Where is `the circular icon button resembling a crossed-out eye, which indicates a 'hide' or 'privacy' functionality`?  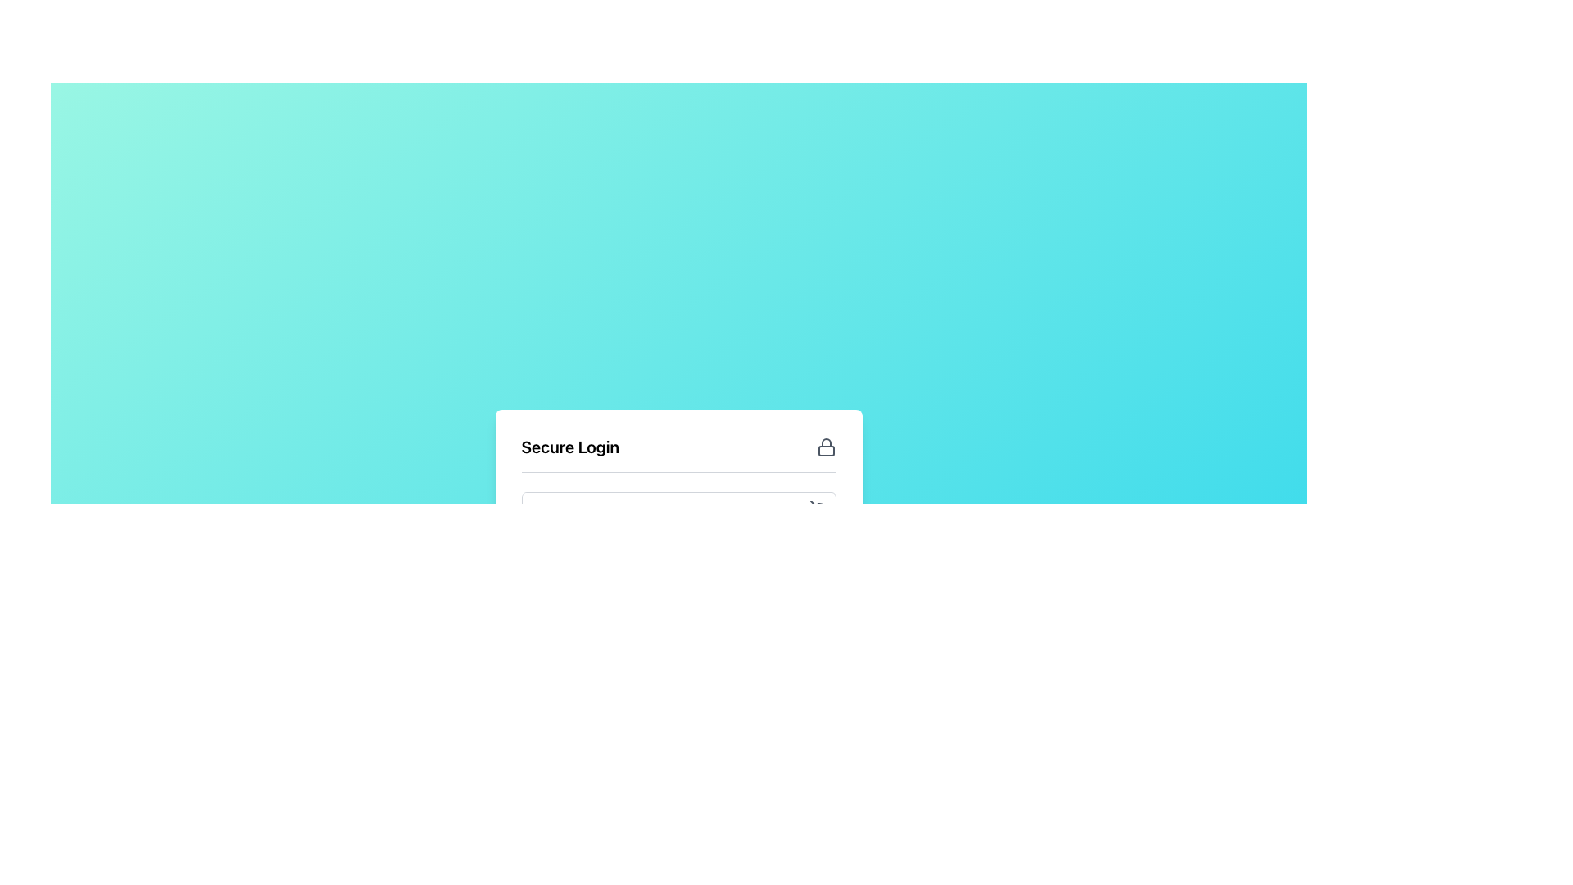
the circular icon button resembling a crossed-out eye, which indicates a 'hide' or 'privacy' functionality is located at coordinates (818, 508).